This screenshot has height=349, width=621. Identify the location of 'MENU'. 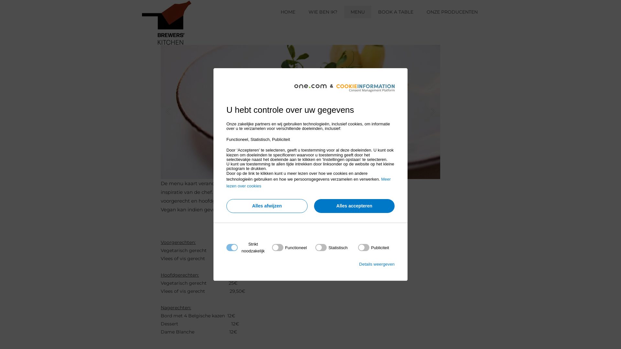
(357, 12).